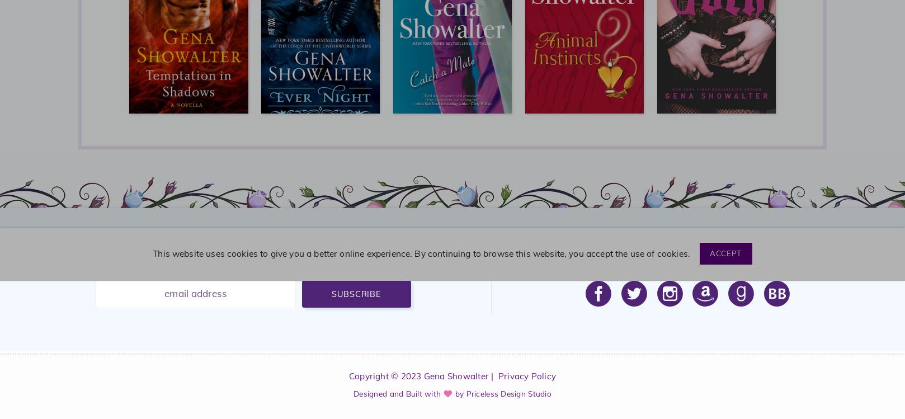  What do you see at coordinates (418, 375) in the screenshot?
I see `'Copyright © 2023 Gena Showalter'` at bounding box center [418, 375].